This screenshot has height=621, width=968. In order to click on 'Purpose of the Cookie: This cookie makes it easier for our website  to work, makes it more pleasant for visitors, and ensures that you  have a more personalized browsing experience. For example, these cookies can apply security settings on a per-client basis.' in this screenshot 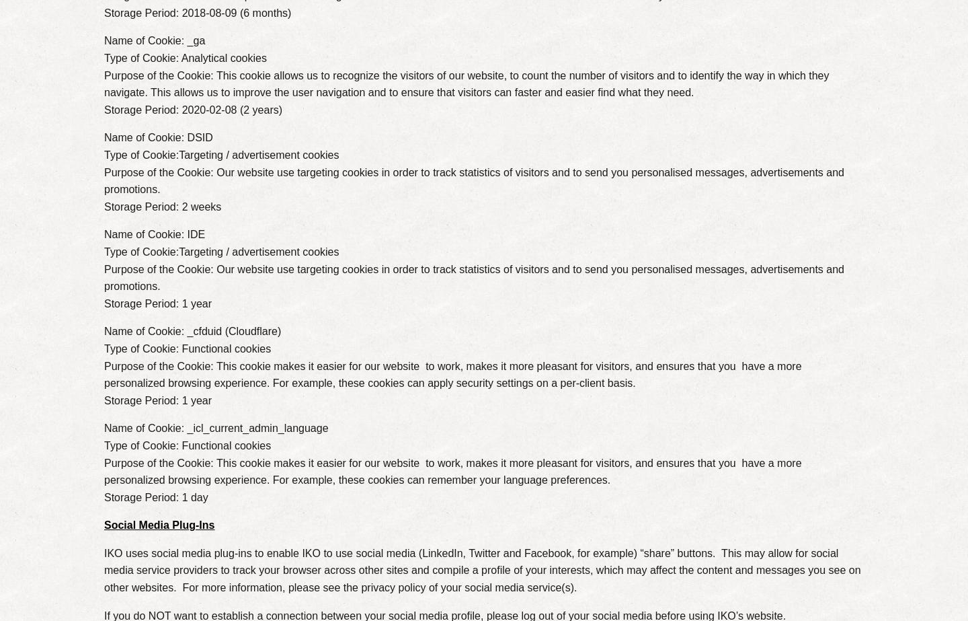, I will do `click(452, 373)`.